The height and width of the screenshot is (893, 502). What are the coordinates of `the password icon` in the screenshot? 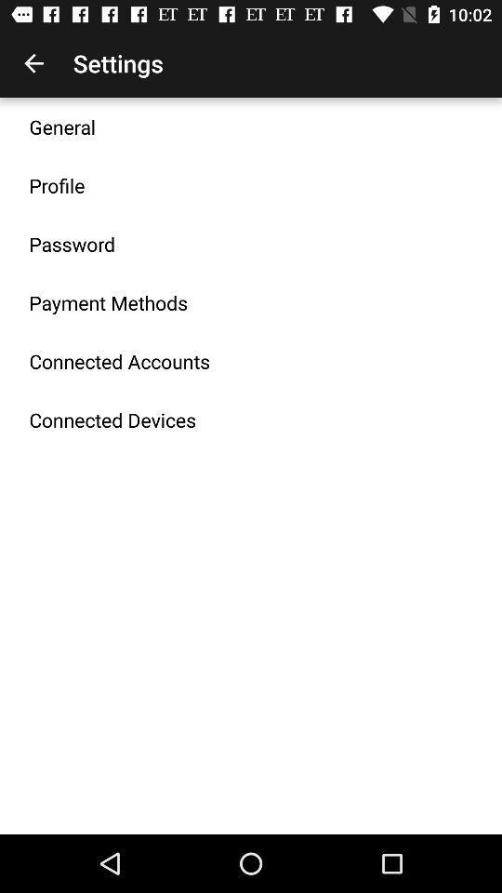 It's located at (71, 243).